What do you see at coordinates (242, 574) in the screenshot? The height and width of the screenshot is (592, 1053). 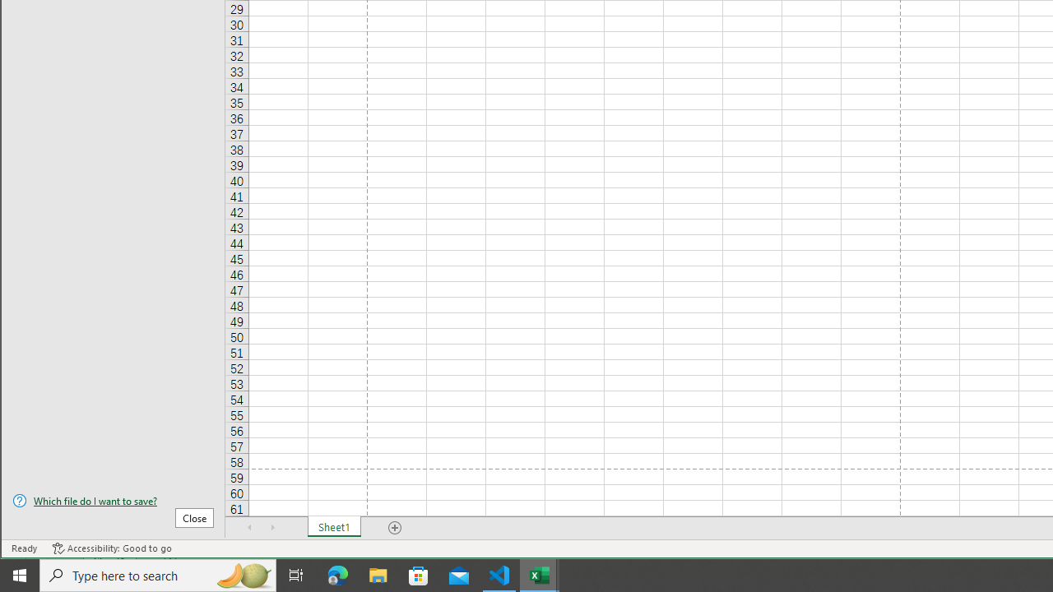 I see `'Search highlights icon opens search home window'` at bounding box center [242, 574].